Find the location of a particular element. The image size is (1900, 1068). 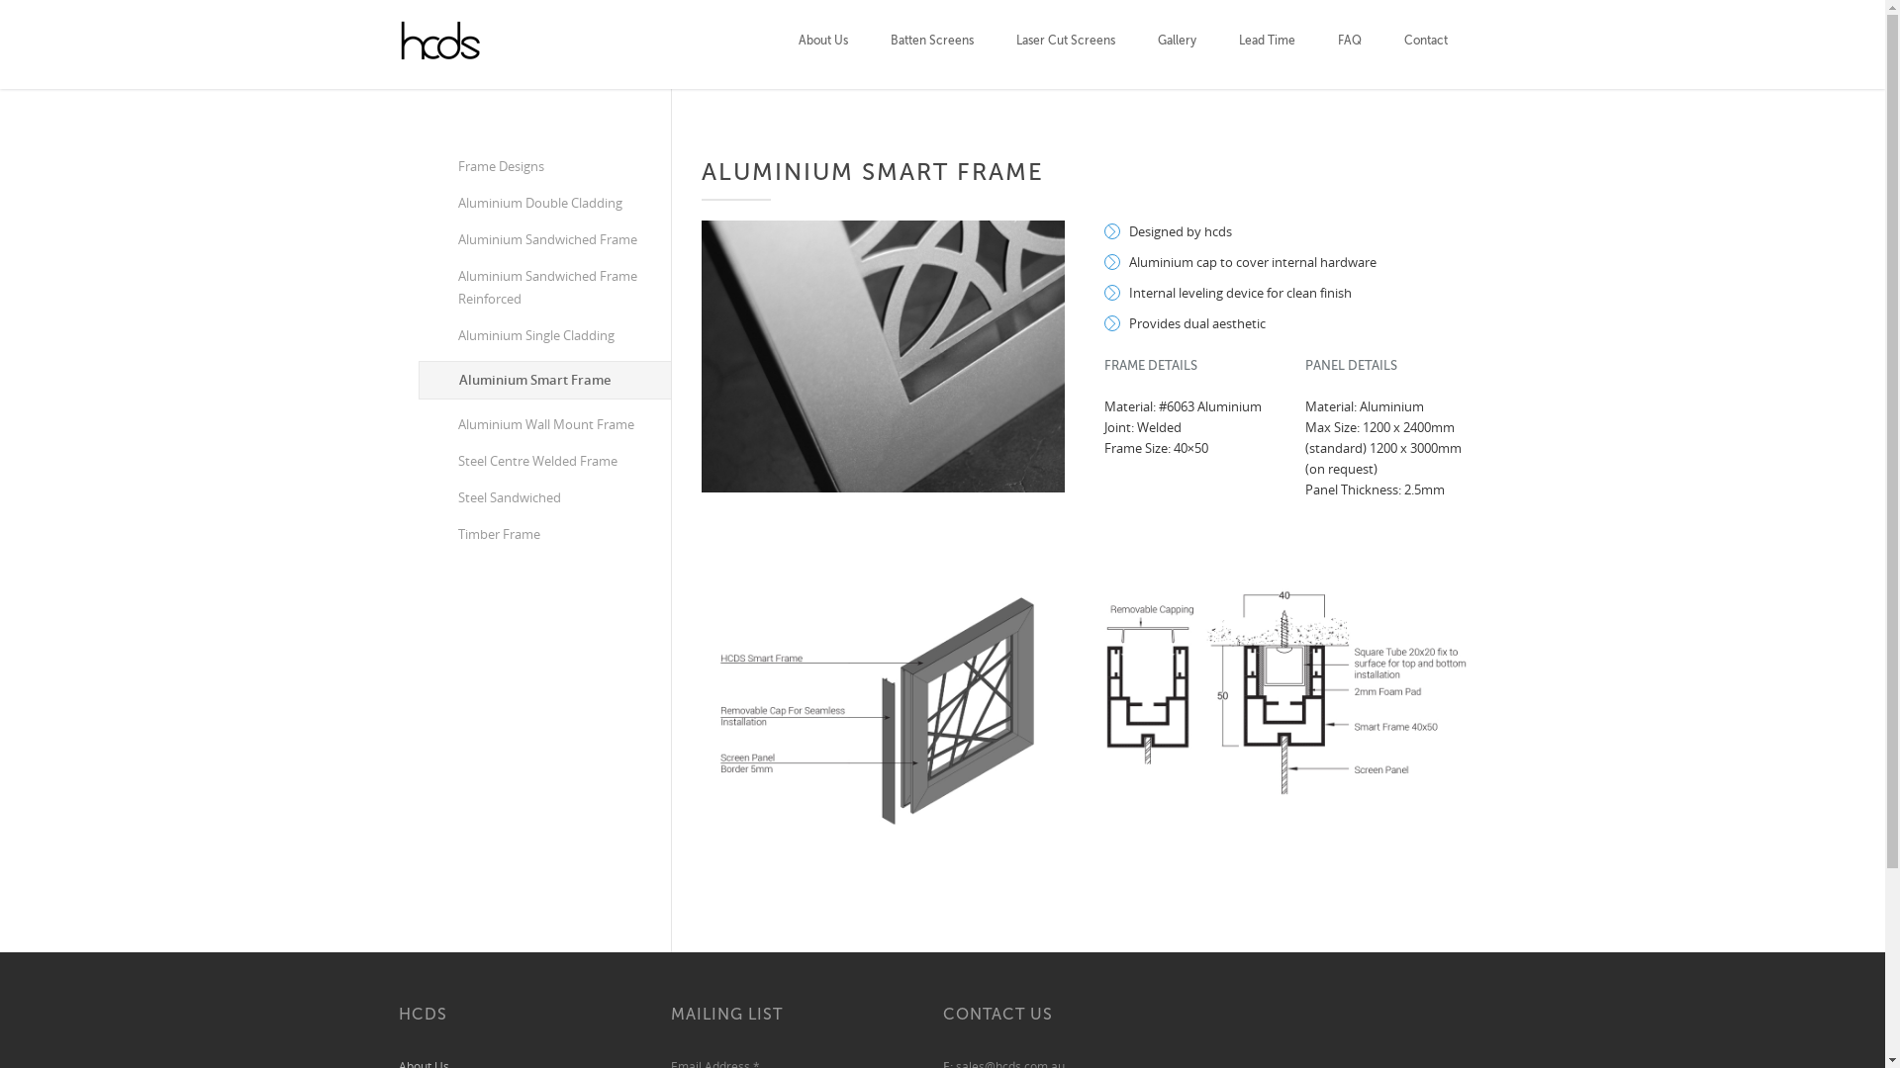

'Laser Cut Screens' is located at coordinates (1063, 44).